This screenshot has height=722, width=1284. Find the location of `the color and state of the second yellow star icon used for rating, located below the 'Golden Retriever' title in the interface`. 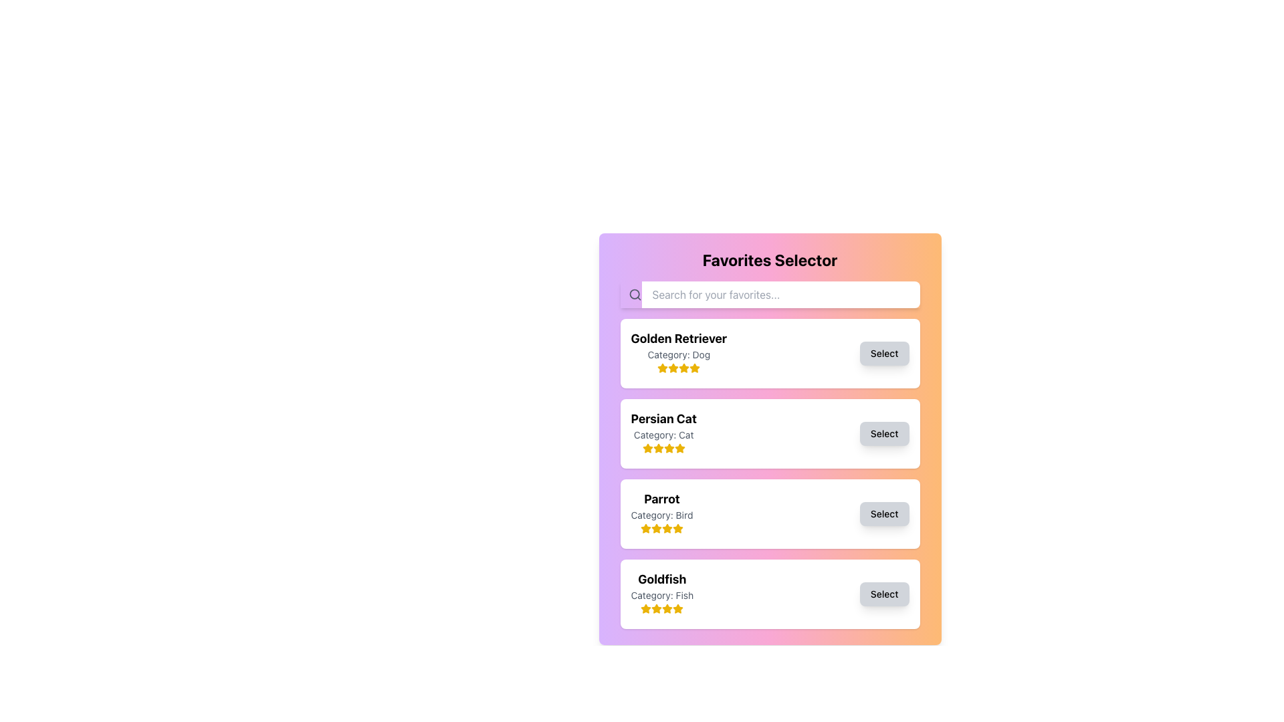

the color and state of the second yellow star icon used for rating, located below the 'Golden Retriever' title in the interface is located at coordinates (673, 368).